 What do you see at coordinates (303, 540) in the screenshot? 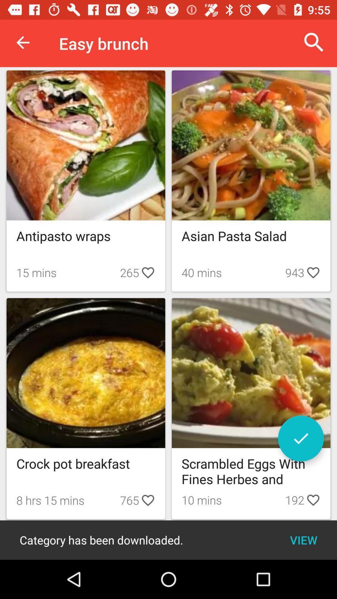
I see `icon below the 192 icon` at bounding box center [303, 540].